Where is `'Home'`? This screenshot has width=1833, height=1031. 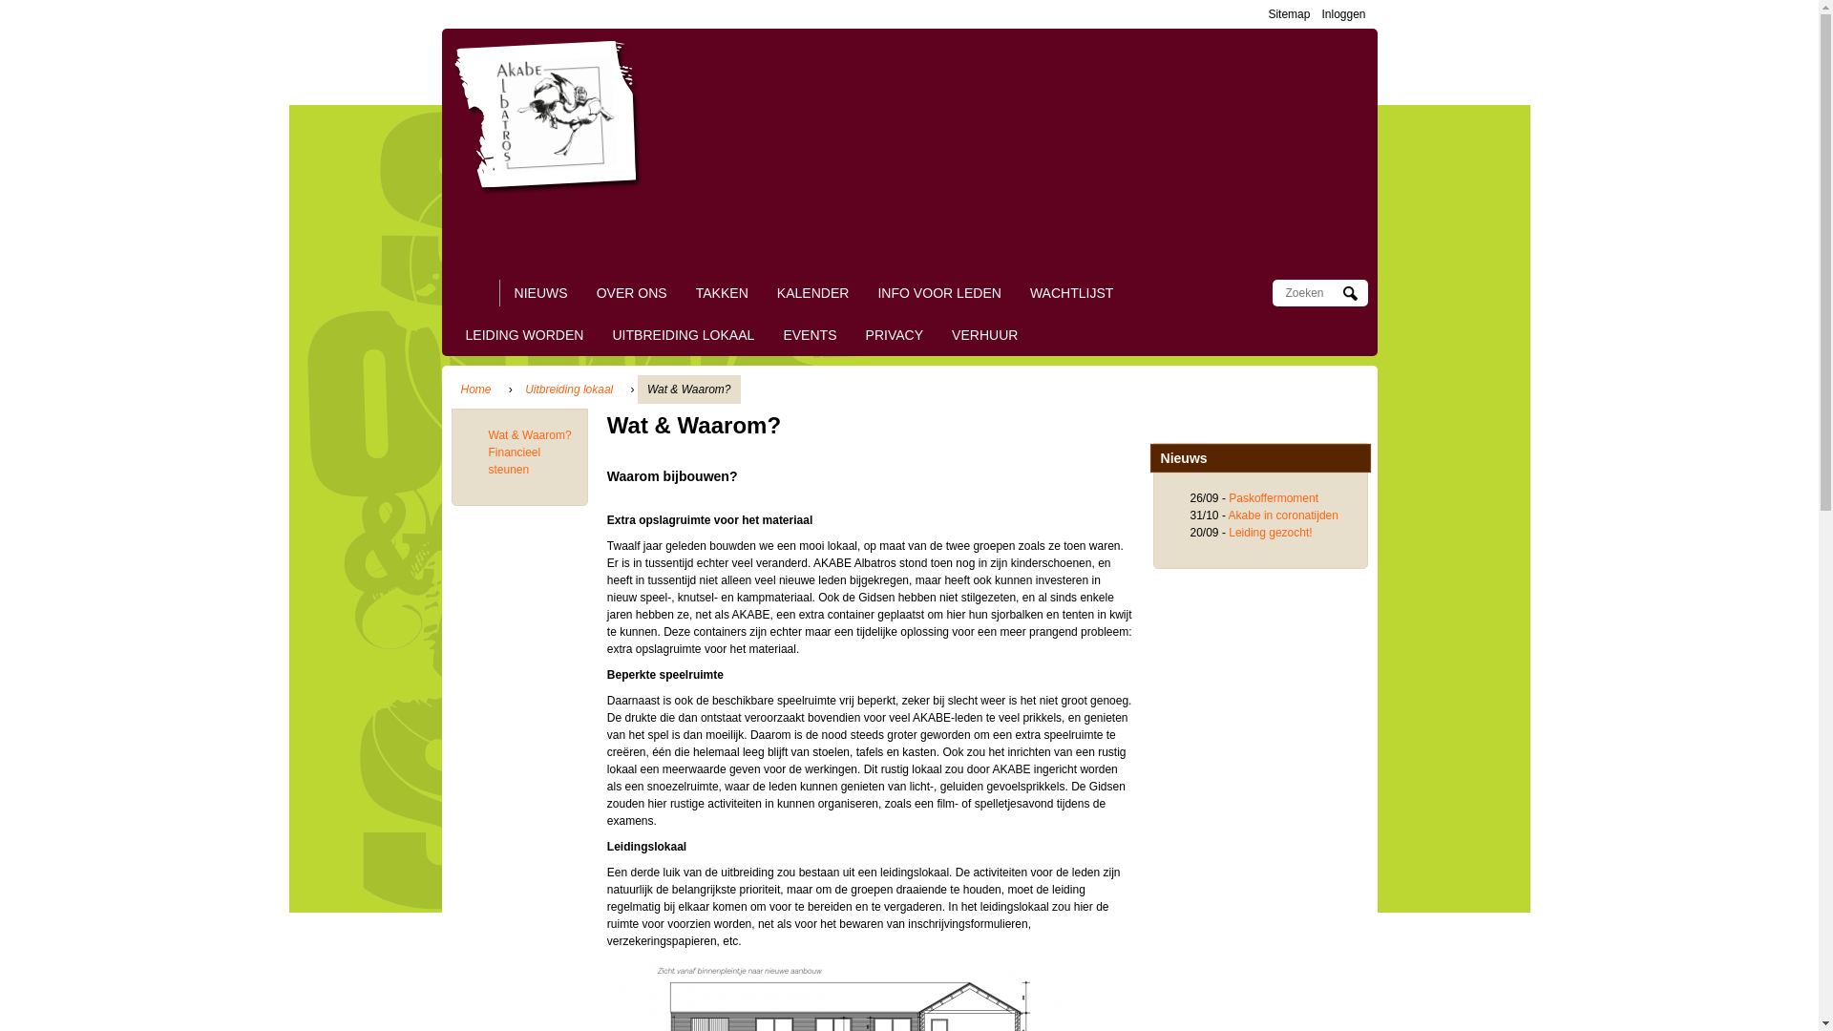 'Home' is located at coordinates (475, 389).